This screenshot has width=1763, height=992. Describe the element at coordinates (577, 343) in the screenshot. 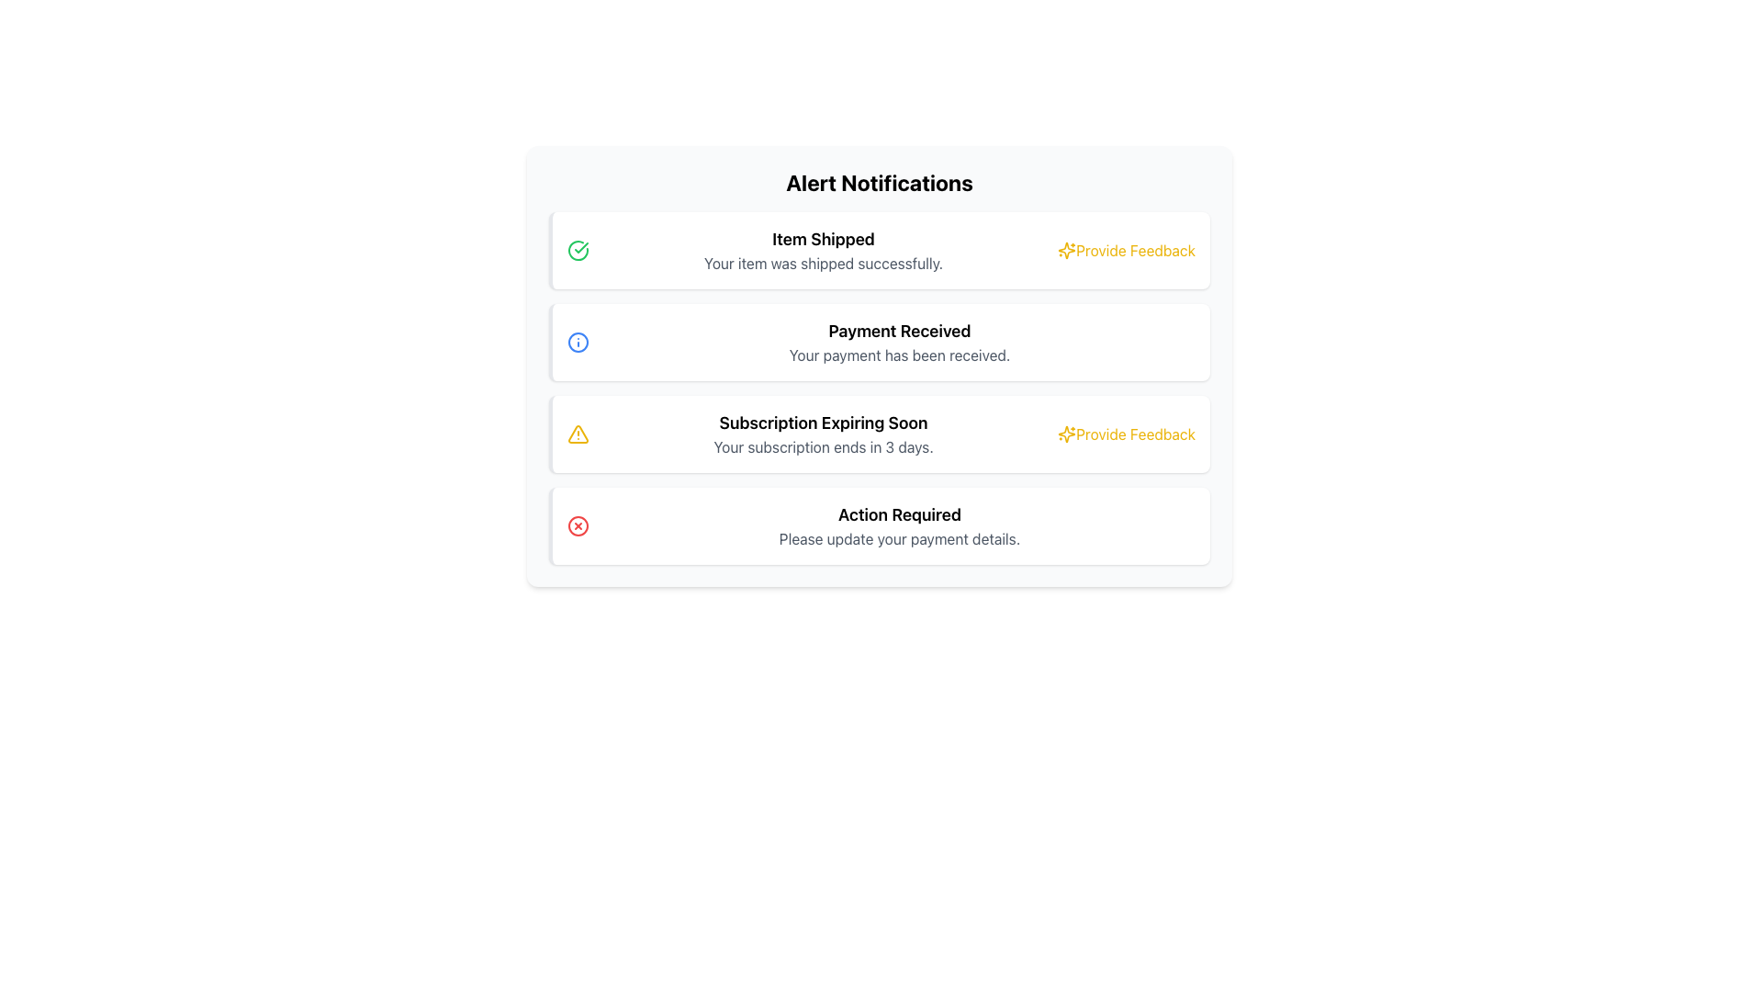

I see `the primary icon located at the upper-left section of the 'Payment Received' card in the 'Alert Notifications' list` at that location.